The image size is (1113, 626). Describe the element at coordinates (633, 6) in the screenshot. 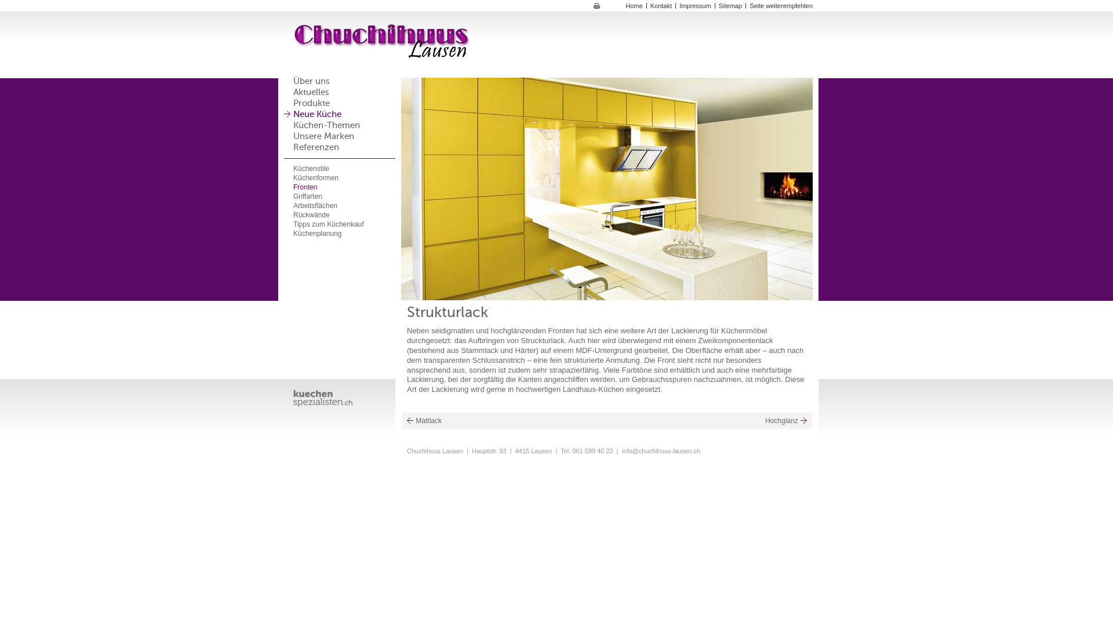

I see `'Home'` at that location.